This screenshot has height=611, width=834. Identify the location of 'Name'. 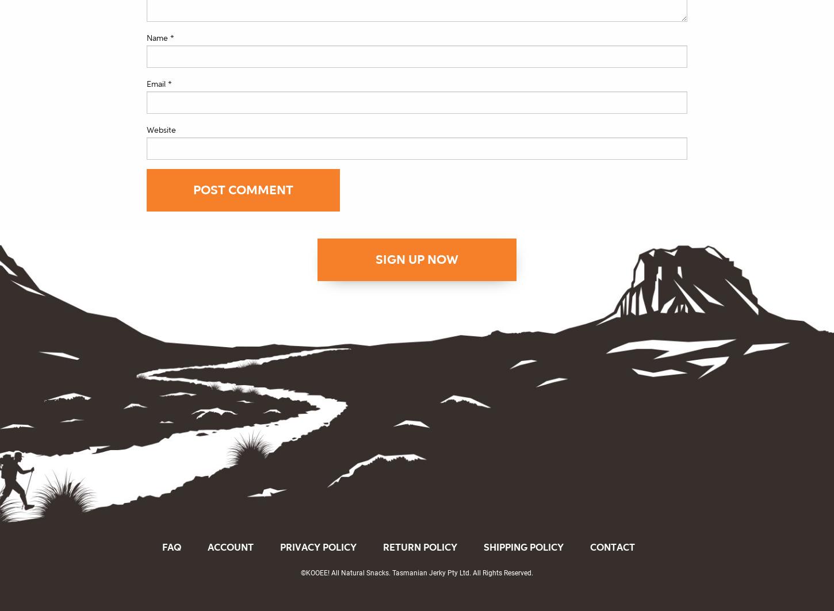
(158, 37).